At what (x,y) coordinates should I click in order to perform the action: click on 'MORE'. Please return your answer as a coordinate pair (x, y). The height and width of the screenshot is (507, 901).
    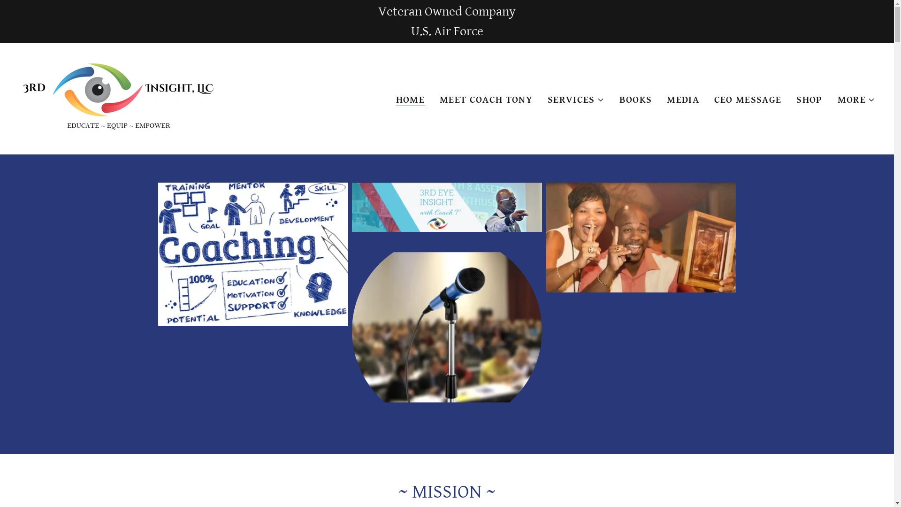
    Looking at the image, I should click on (856, 100).